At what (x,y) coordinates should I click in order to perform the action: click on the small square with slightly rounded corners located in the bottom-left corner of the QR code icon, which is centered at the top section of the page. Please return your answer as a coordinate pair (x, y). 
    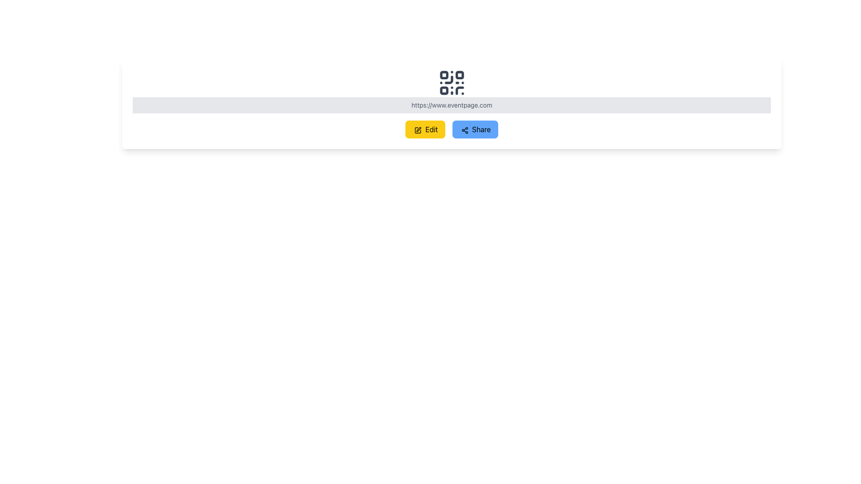
    Looking at the image, I should click on (444, 91).